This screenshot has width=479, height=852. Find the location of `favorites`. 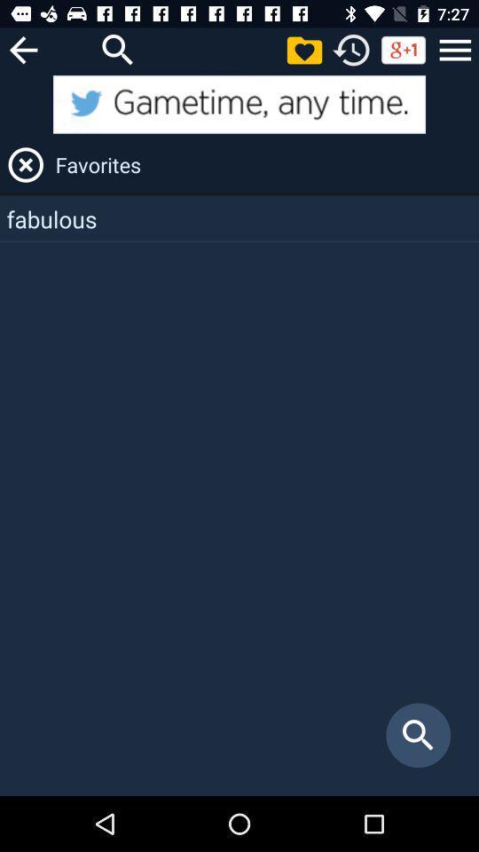

favorites is located at coordinates (303, 49).